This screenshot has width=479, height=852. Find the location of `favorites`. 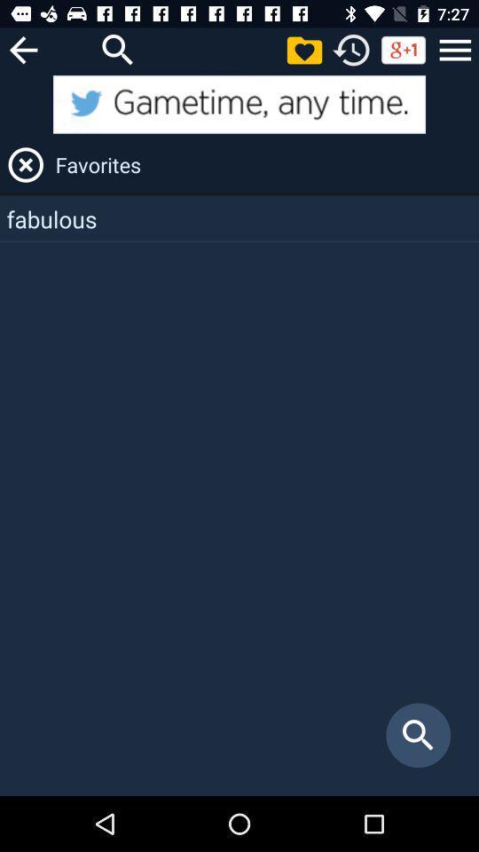

favorites is located at coordinates (303, 49).